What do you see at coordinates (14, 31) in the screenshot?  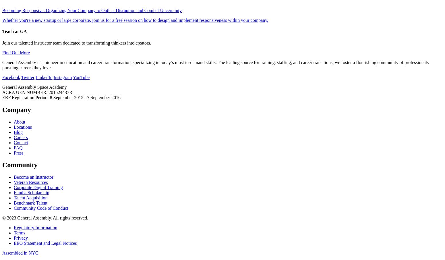 I see `'Teach at GA'` at bounding box center [14, 31].